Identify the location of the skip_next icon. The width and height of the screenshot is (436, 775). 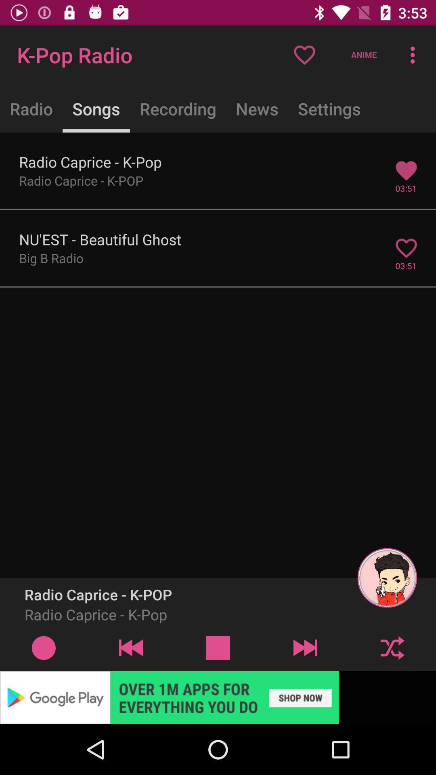
(305, 647).